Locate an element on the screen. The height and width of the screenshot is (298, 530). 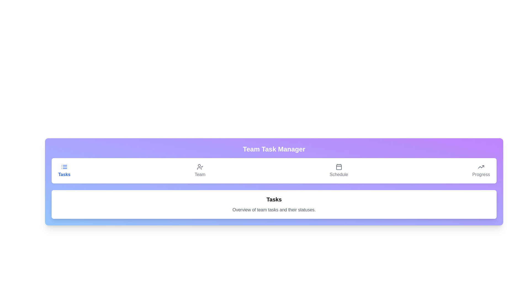
the 'Team' button, which is a compact rectangular UI component featuring a person graphic with a checkmark and the label 'Team' below it, located centrally in a horizontal list of elements under the header is located at coordinates (200, 170).